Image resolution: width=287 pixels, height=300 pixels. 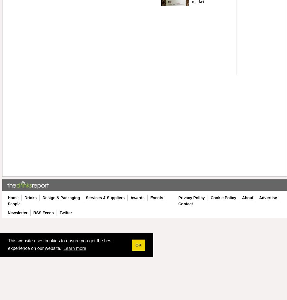 What do you see at coordinates (30, 197) in the screenshot?
I see `'Drinks'` at bounding box center [30, 197].